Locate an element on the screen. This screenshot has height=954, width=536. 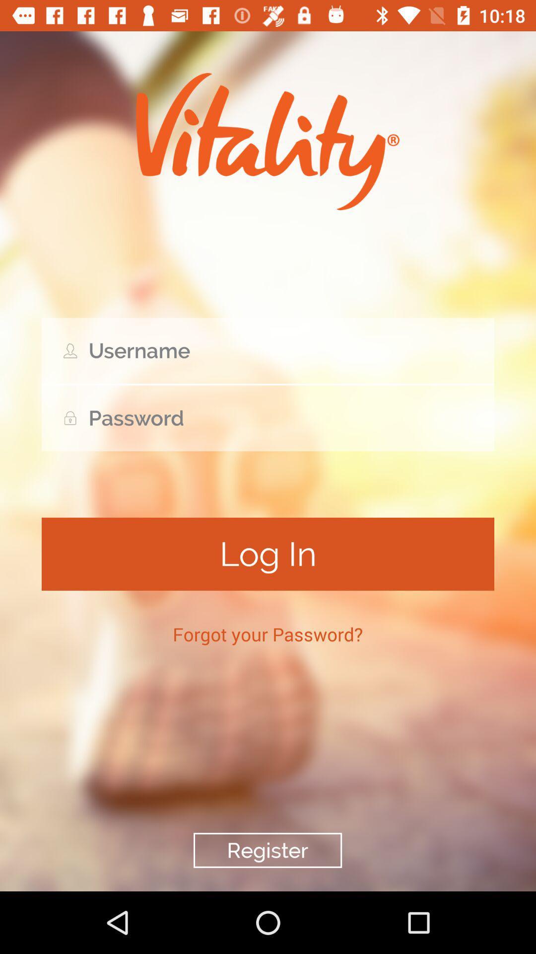
forgot your password? is located at coordinates (267, 634).